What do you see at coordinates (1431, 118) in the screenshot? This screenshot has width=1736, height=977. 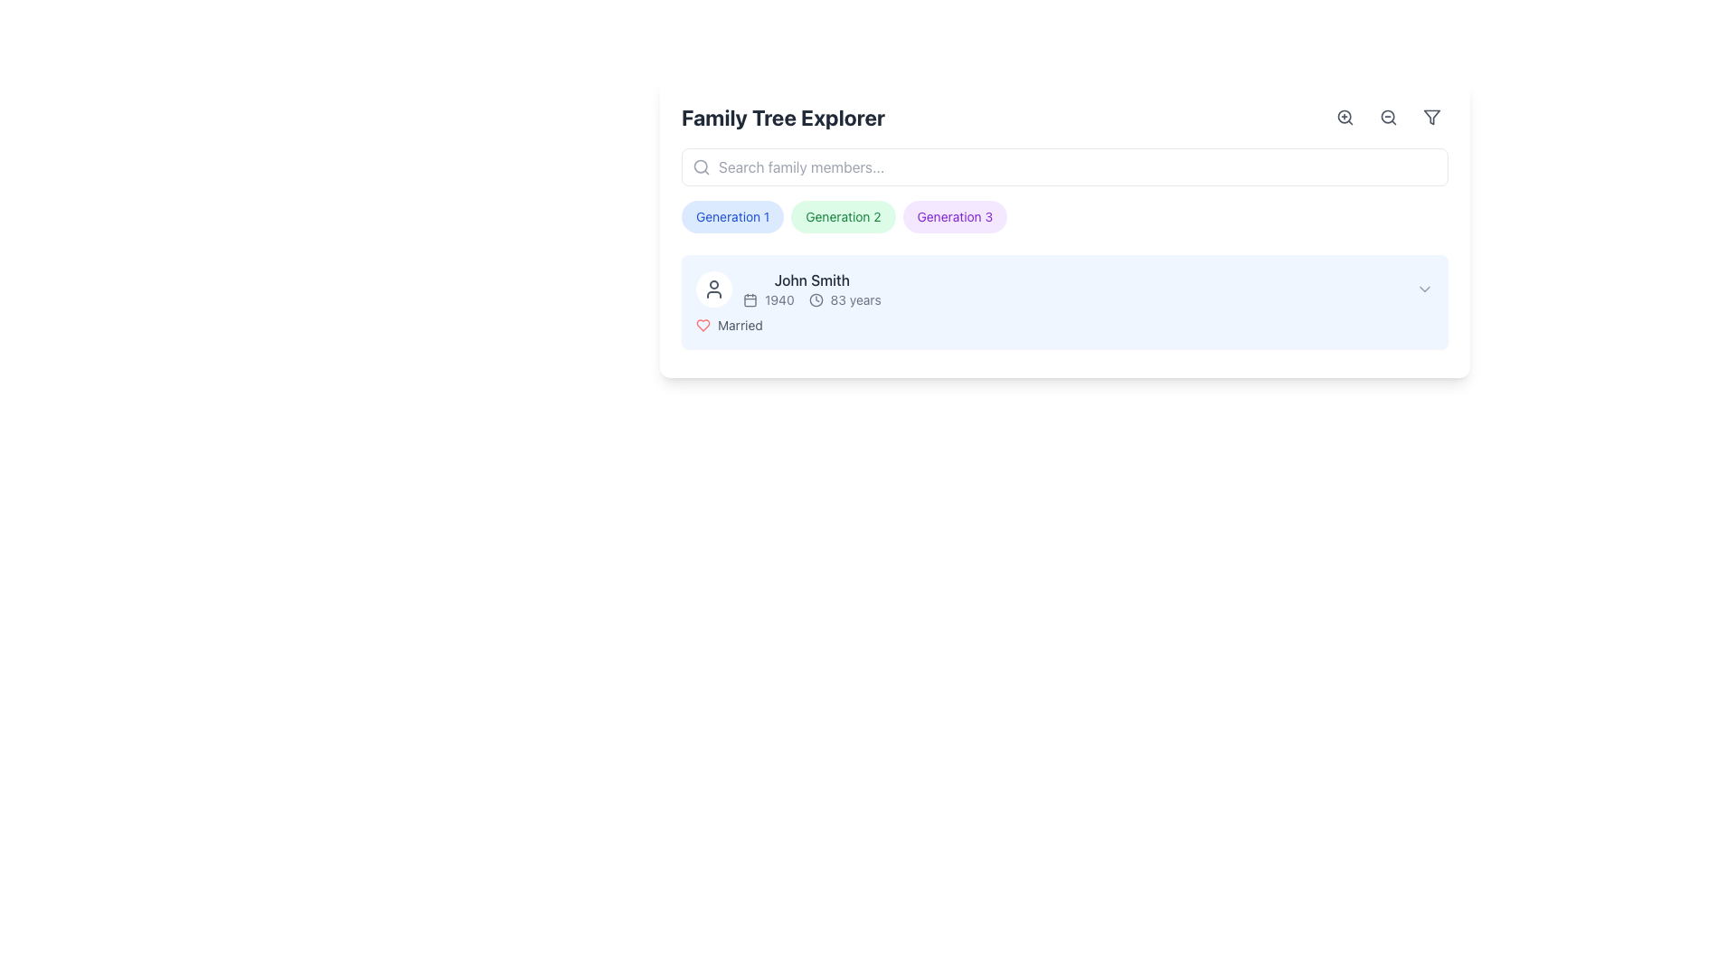 I see `the small funnel-shaped dark gray icon located in the top-right corner of the interface` at bounding box center [1431, 118].